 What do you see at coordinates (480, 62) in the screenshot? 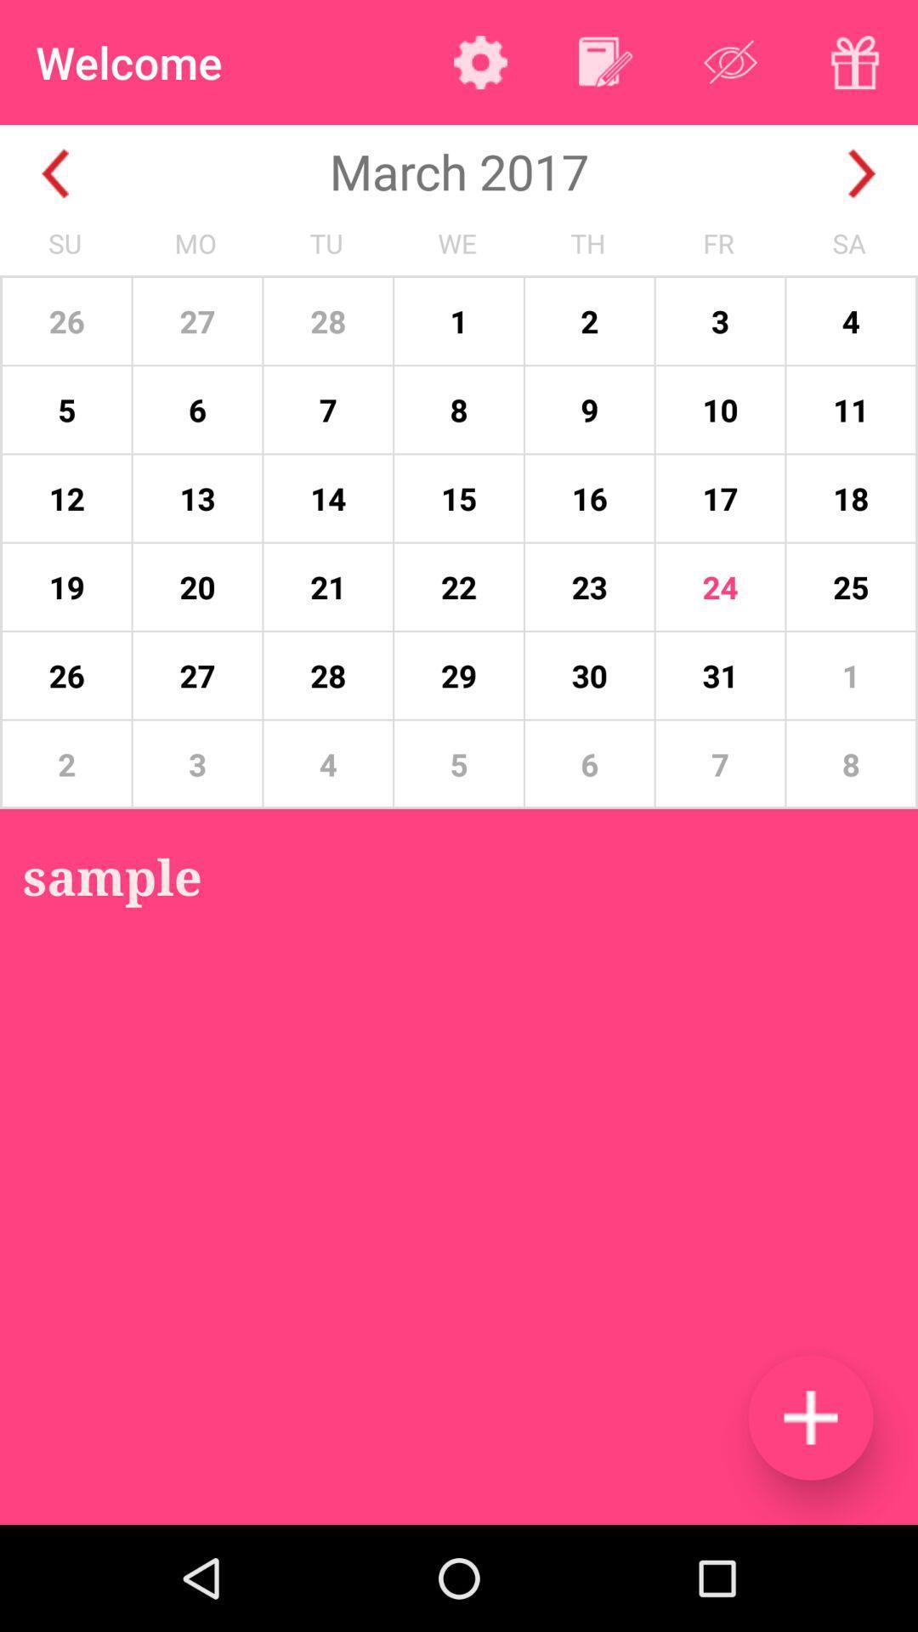
I see `settings` at bounding box center [480, 62].